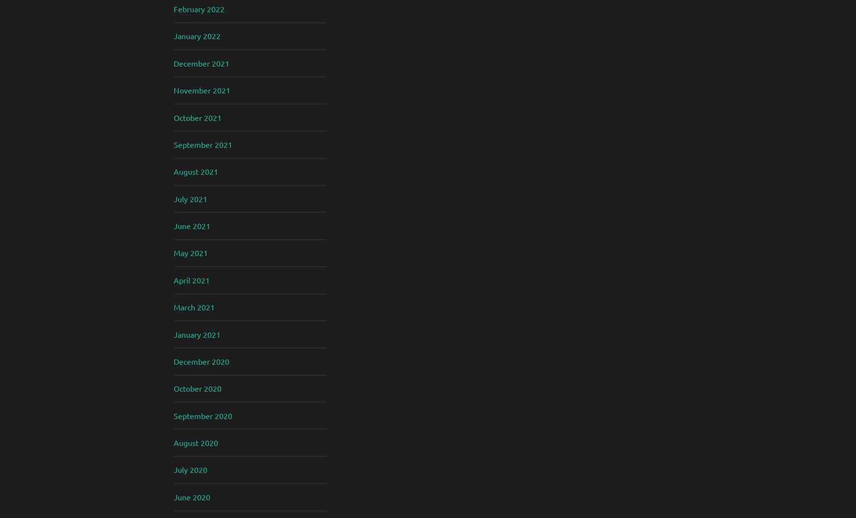  What do you see at coordinates (197, 117) in the screenshot?
I see `'October 2021'` at bounding box center [197, 117].